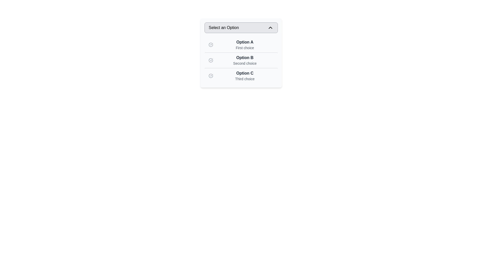  Describe the element at coordinates (245, 79) in the screenshot. I see `text label 'Third choice' which is styled with a small gray font and positioned beneath 'Option C' in the dropdown menu` at that location.